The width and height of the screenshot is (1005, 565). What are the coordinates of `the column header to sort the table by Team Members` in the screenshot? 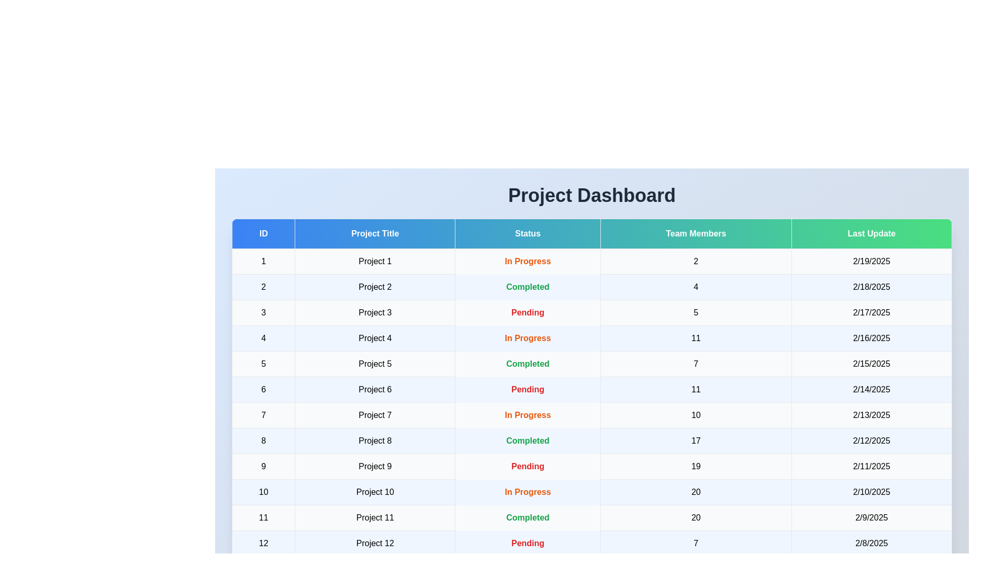 It's located at (696, 233).